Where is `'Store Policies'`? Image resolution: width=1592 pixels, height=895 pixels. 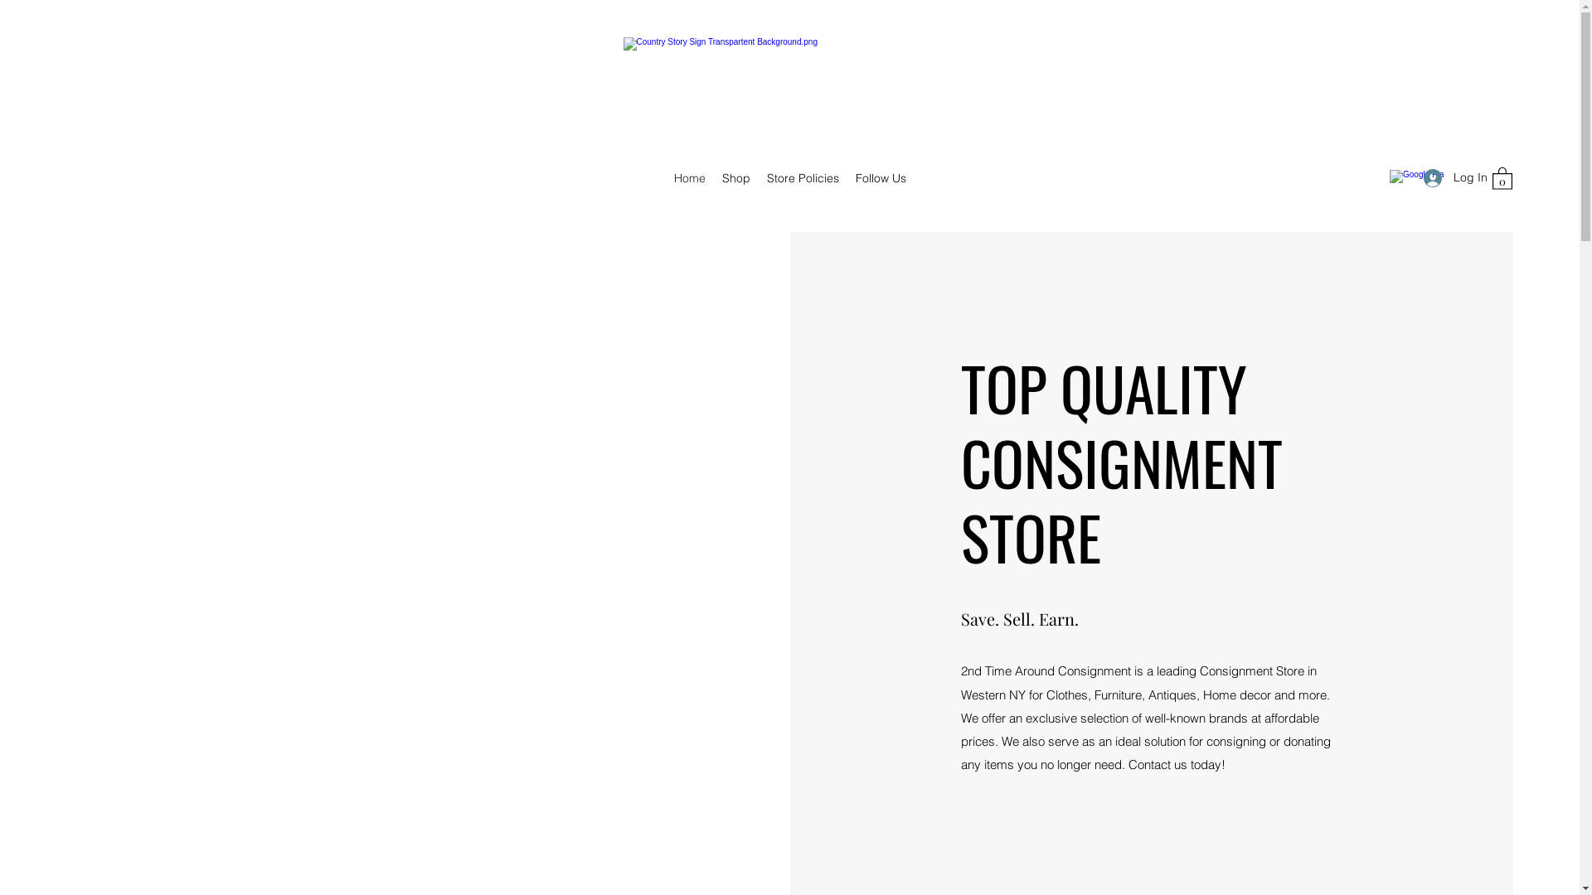
'Store Policies' is located at coordinates (802, 178).